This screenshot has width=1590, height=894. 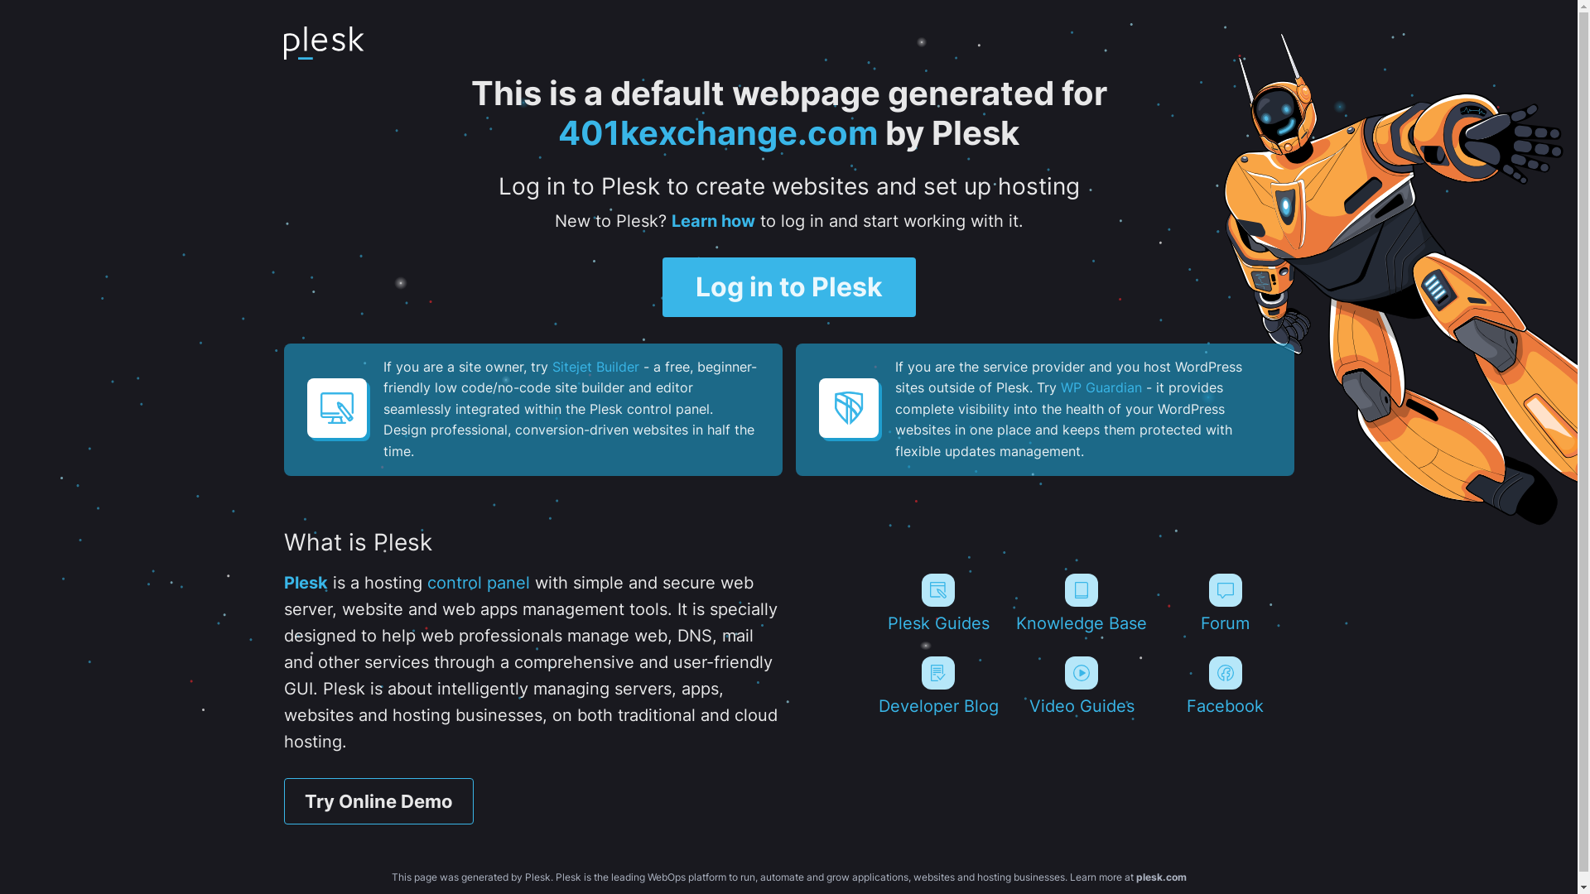 What do you see at coordinates (788, 286) in the screenshot?
I see `'Log in to Plesk'` at bounding box center [788, 286].